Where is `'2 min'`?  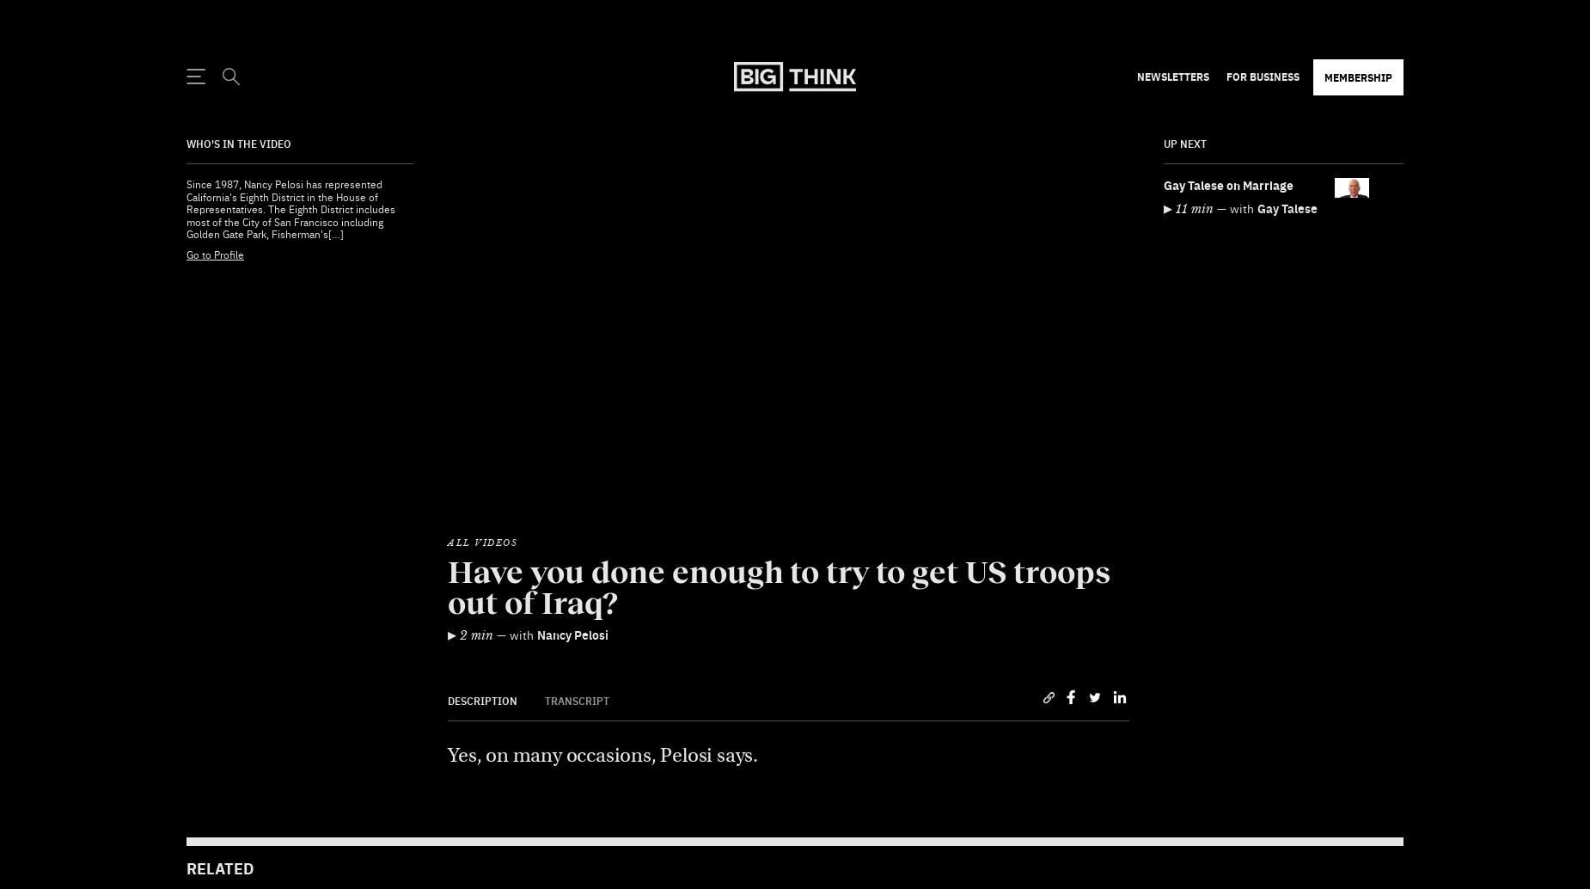
'2 min' is located at coordinates (476, 592).